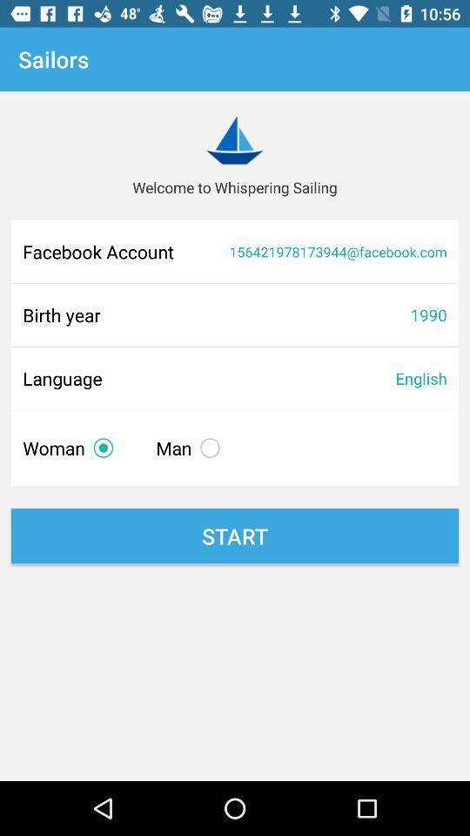 This screenshot has height=836, width=470. Describe the element at coordinates (71, 447) in the screenshot. I see `the woman` at that location.